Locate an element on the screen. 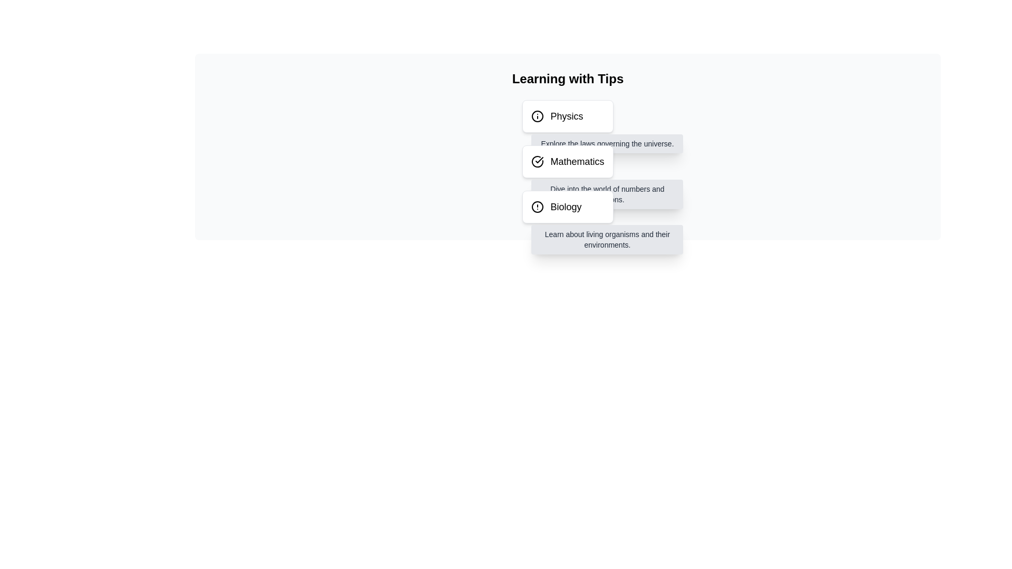 Image resolution: width=1012 pixels, height=569 pixels. the circular icon with a black border and white interior, which is located to the left of the 'Biology' text in the 'Learning with Tips' section is located at coordinates (538, 207).